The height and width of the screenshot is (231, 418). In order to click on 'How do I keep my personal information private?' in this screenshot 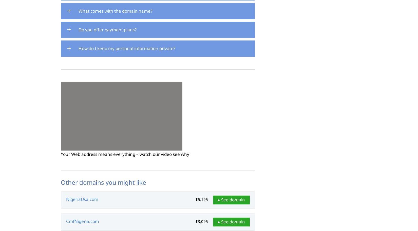, I will do `click(126, 48)`.